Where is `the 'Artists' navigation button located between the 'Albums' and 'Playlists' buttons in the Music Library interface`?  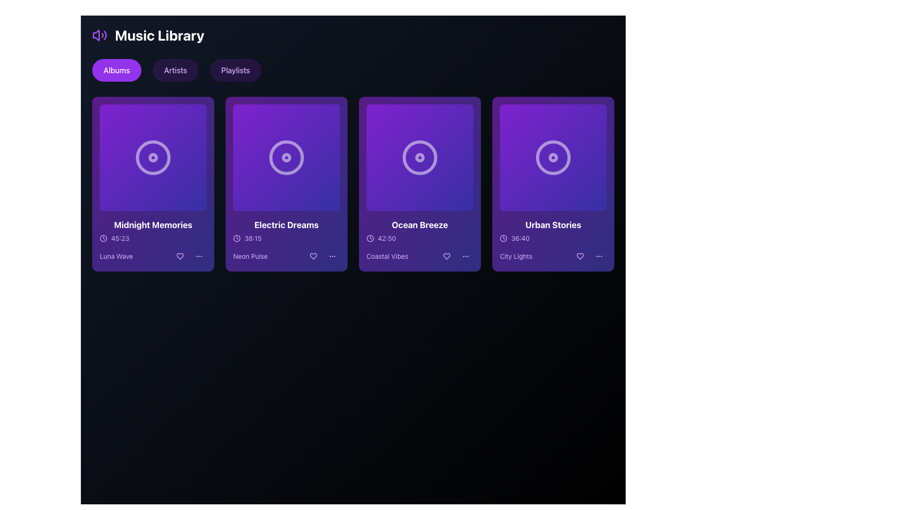 the 'Artists' navigation button located between the 'Albums' and 'Playlists' buttons in the Music Library interface is located at coordinates (175, 70).